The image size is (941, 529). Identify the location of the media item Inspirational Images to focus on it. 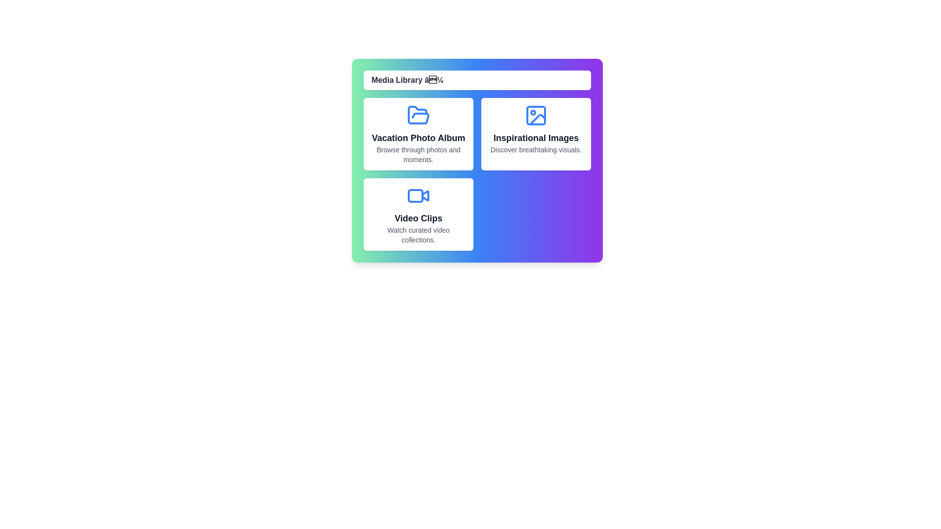
(536, 134).